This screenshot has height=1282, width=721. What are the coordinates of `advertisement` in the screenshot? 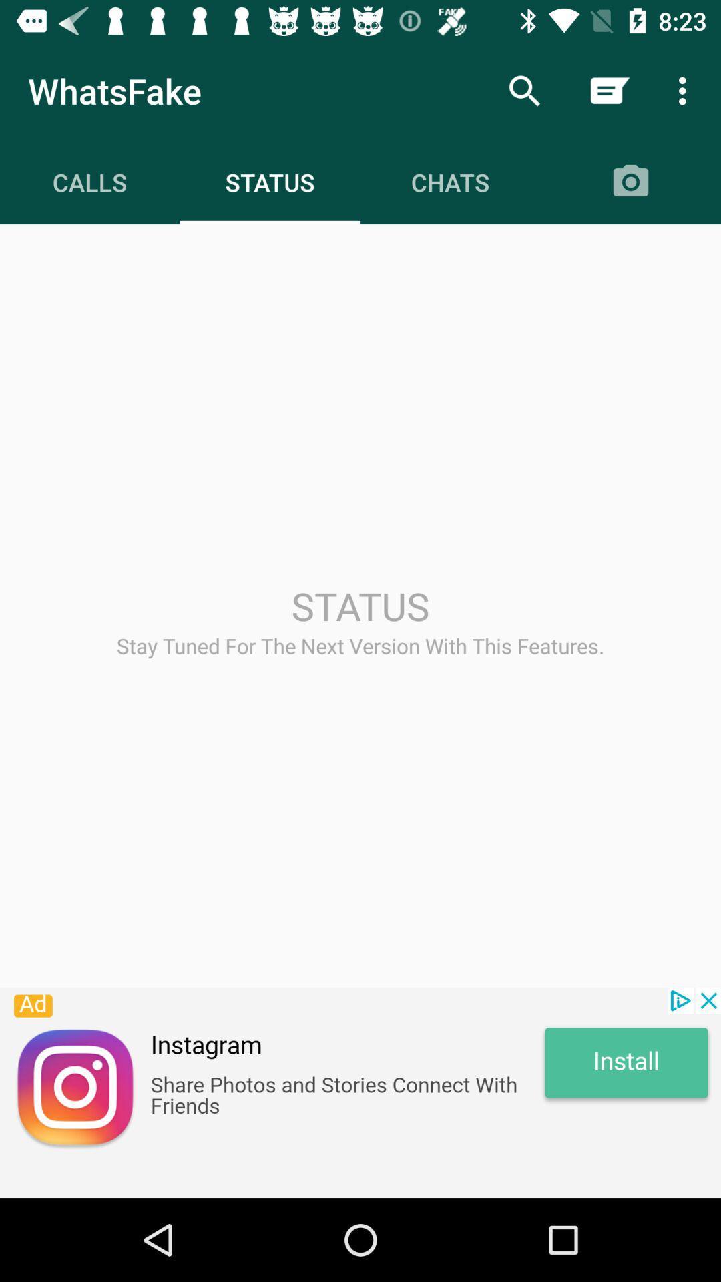 It's located at (360, 1092).